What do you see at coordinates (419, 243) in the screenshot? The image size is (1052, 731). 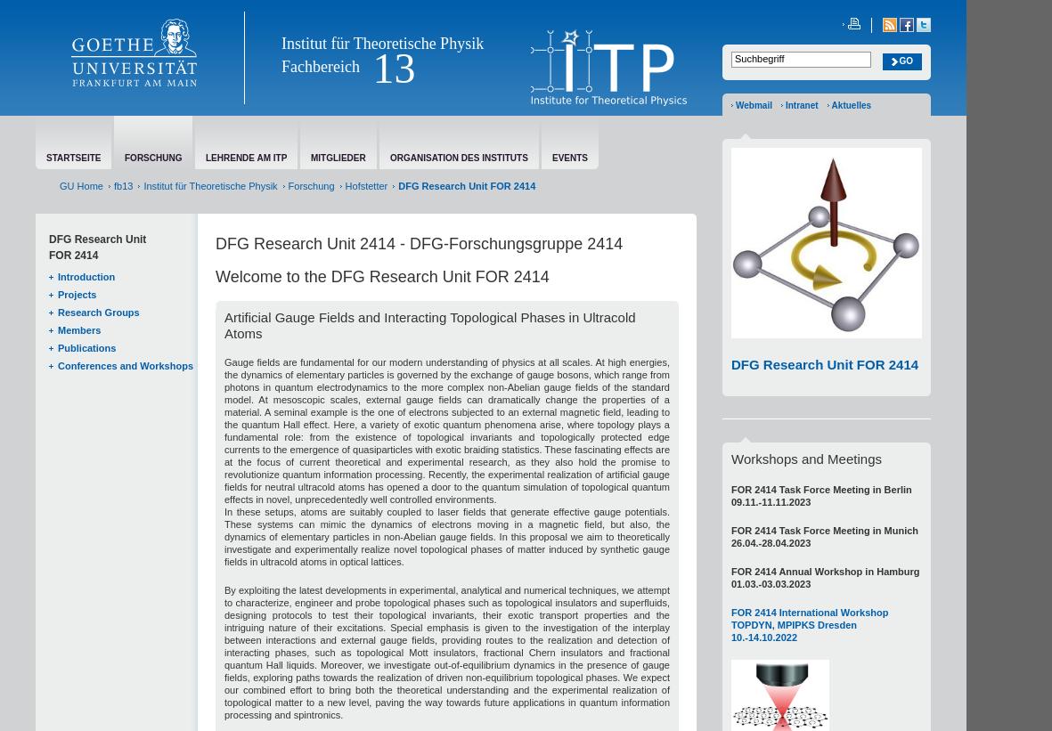 I see `'DFG Research Unit 2414 - DFG-Forschungsgruppe 2414'` at bounding box center [419, 243].